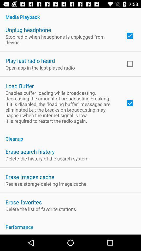  I want to click on icon above the erase search history icon, so click(70, 136).